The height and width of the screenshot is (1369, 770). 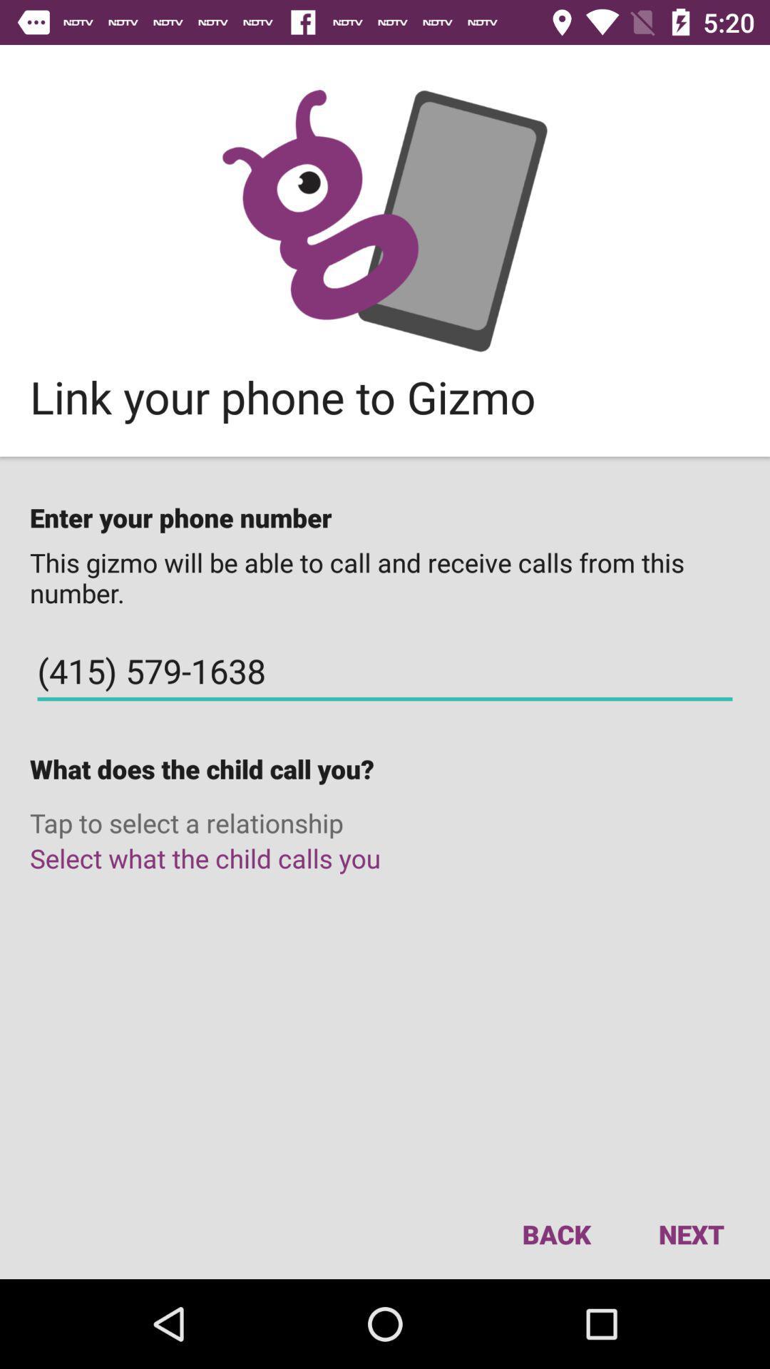 What do you see at coordinates (385, 670) in the screenshot?
I see `the item below the this gizmo will item` at bounding box center [385, 670].